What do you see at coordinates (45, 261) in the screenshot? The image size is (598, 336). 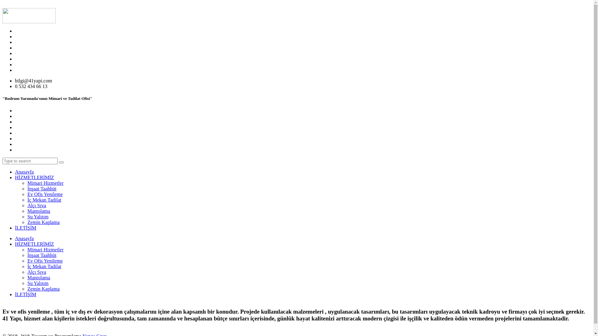 I see `'Ev Ofis Yenileme'` at bounding box center [45, 261].